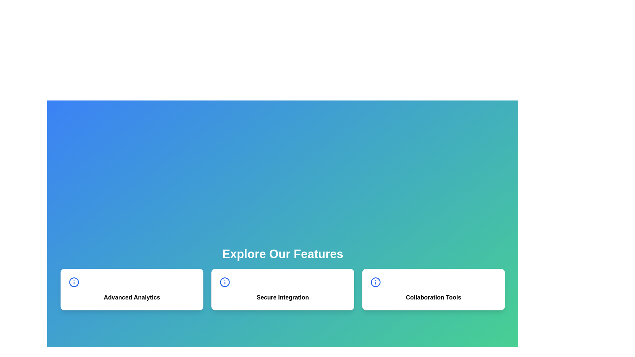  What do you see at coordinates (225, 282) in the screenshot?
I see `the central circular part of the information icon in the Secure Integration card header` at bounding box center [225, 282].